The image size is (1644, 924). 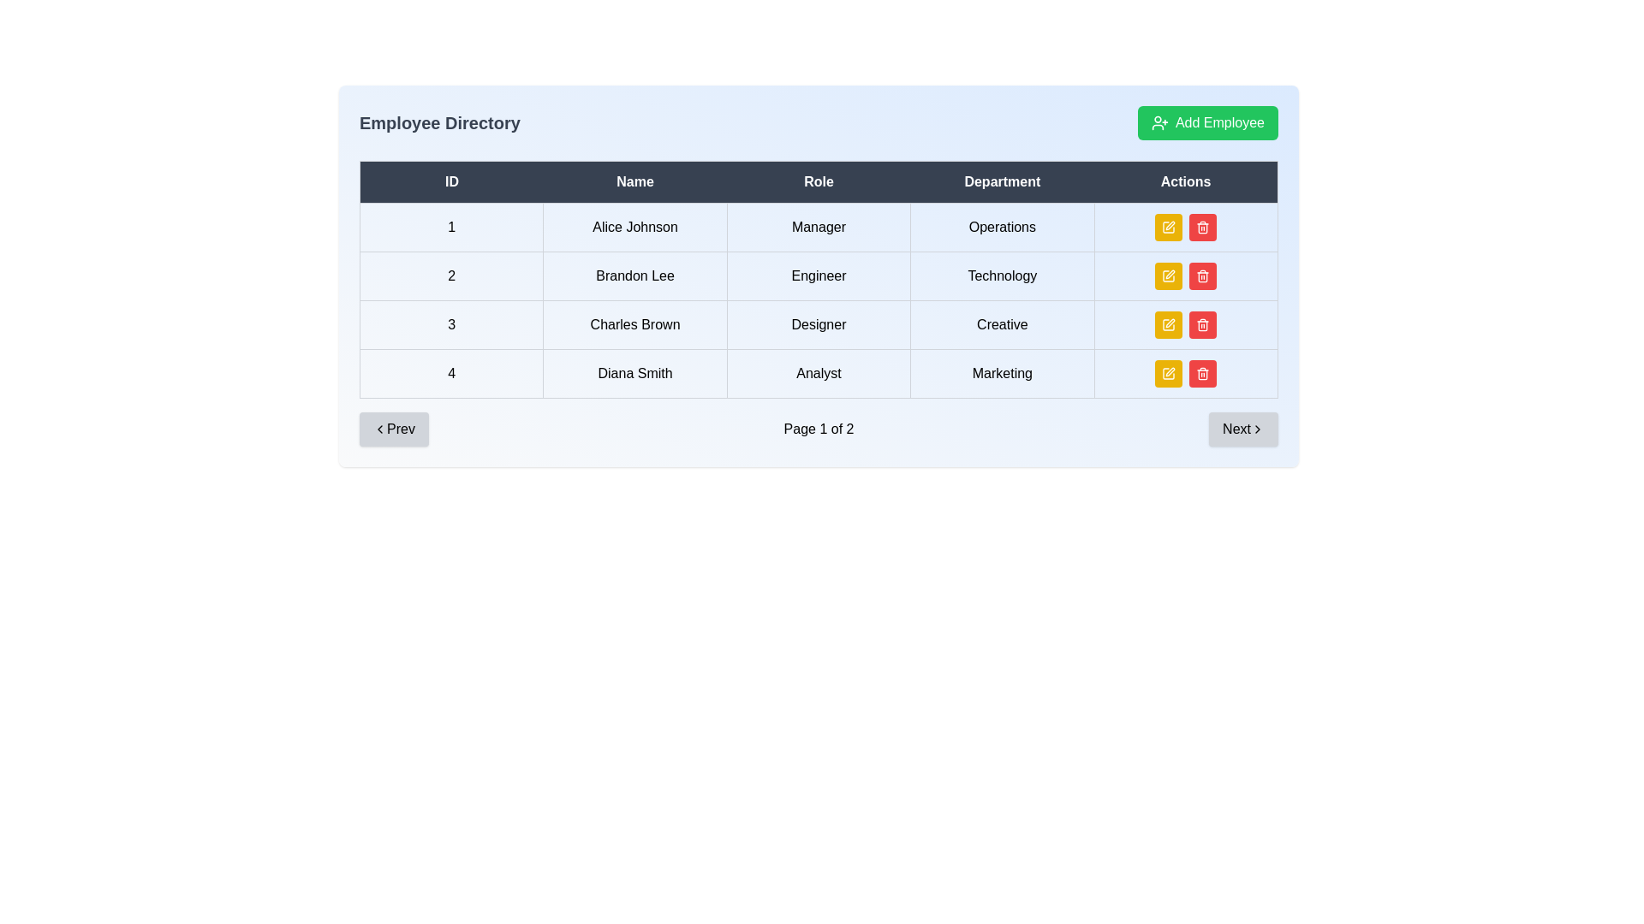 I want to click on the first edit button in the 'Actions' column of the fourth row in the table to initiate an edit action, so click(x=1167, y=325).